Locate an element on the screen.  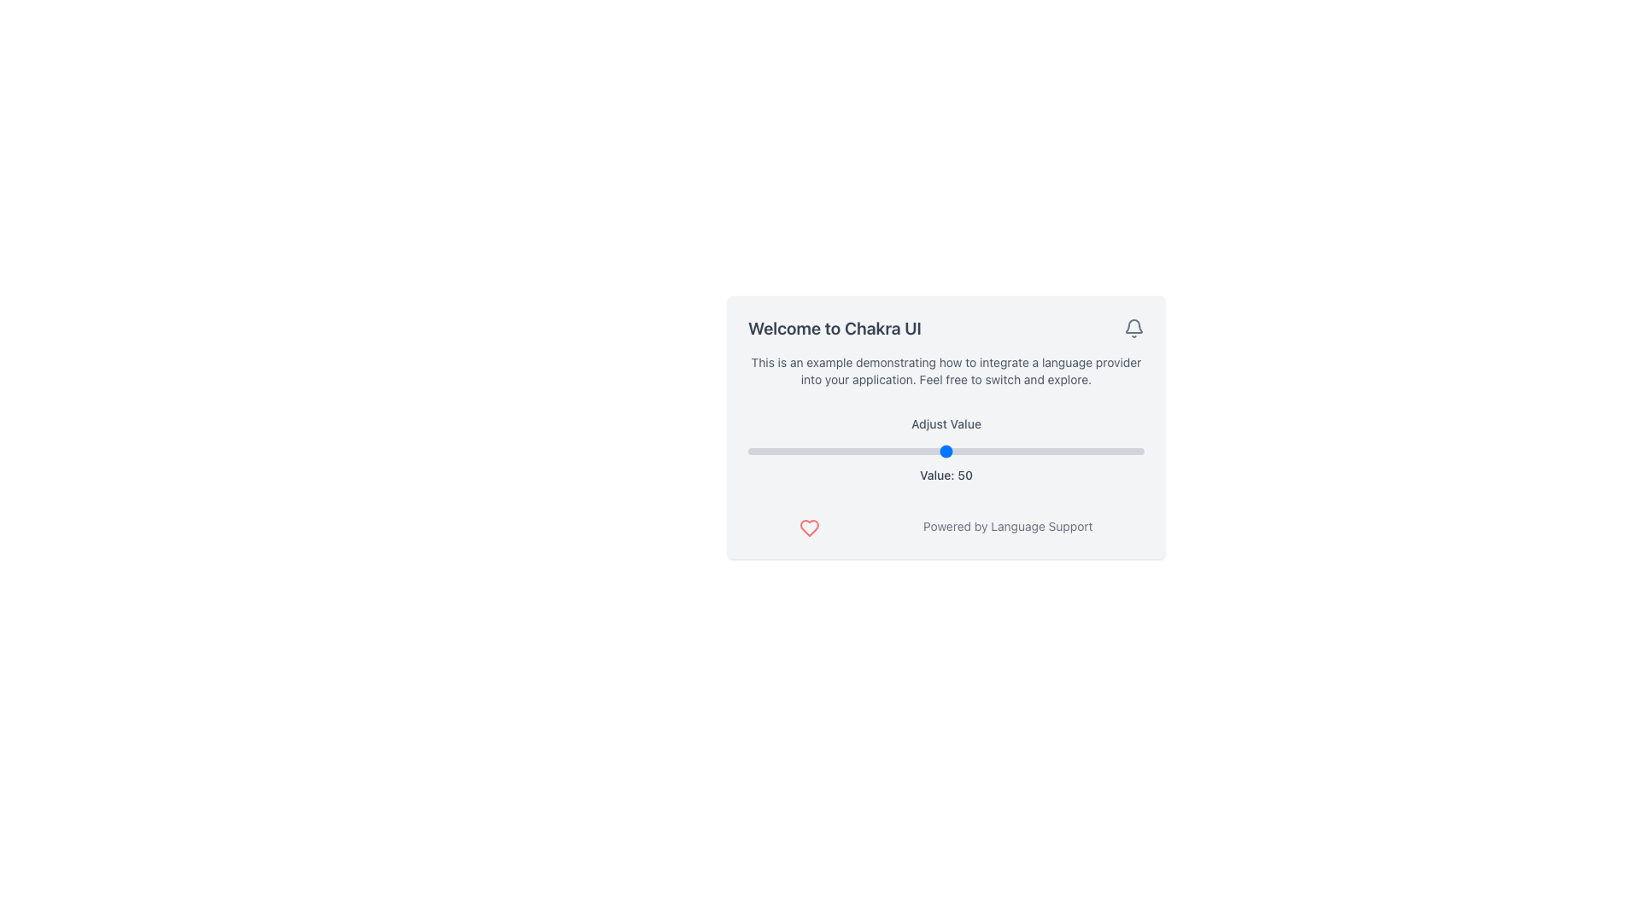
the adjustment slider is located at coordinates (799, 450).